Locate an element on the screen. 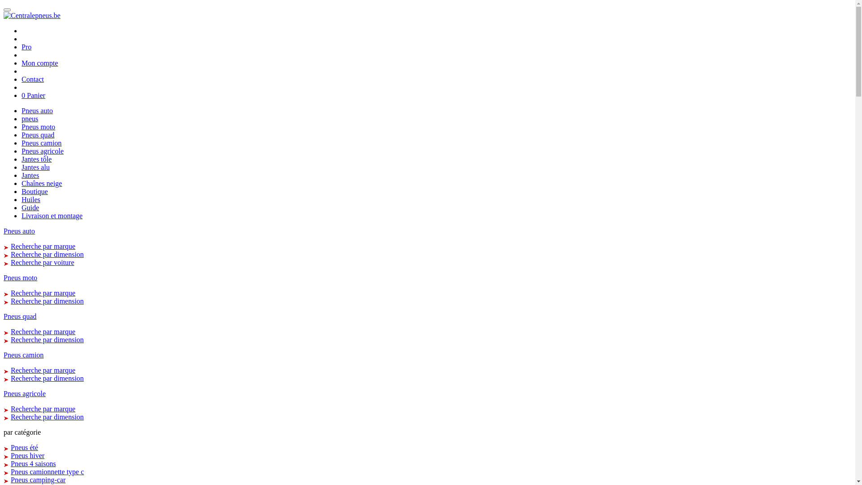 This screenshot has height=485, width=862. 'Jantes alu' is located at coordinates (35, 167).